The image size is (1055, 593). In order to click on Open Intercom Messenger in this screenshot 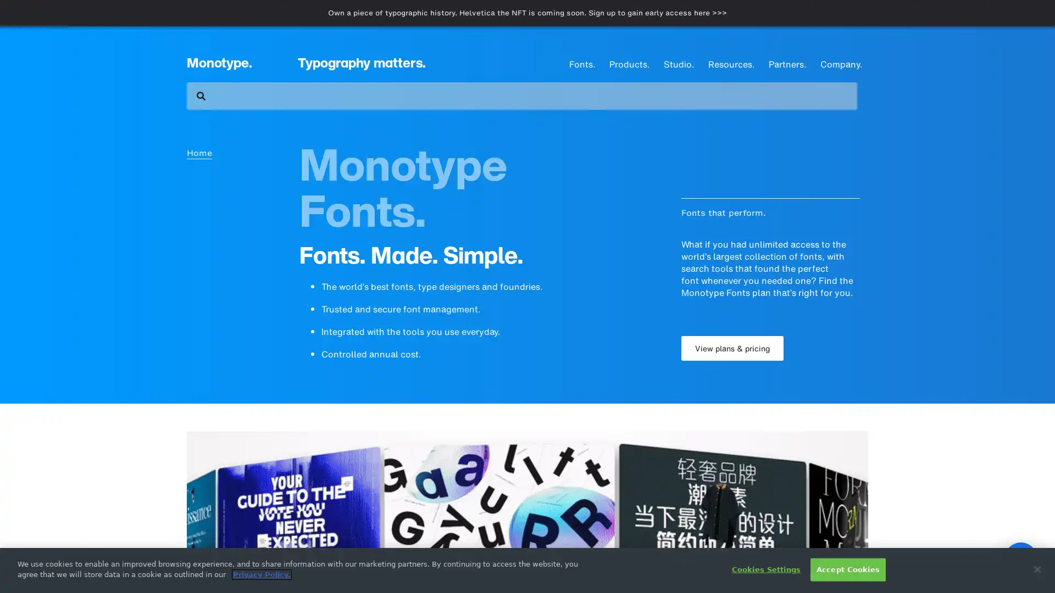, I will do `click(1020, 559)`.